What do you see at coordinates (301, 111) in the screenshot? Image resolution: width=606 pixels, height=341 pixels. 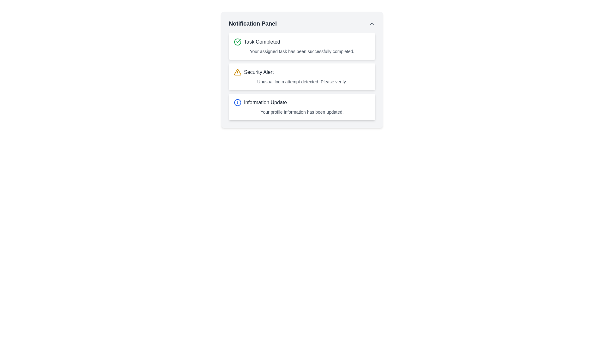 I see `text label that says 'Your profile information has been updated.' located at the bottom of the notification box, centered under the title 'Information Update'` at bounding box center [301, 111].